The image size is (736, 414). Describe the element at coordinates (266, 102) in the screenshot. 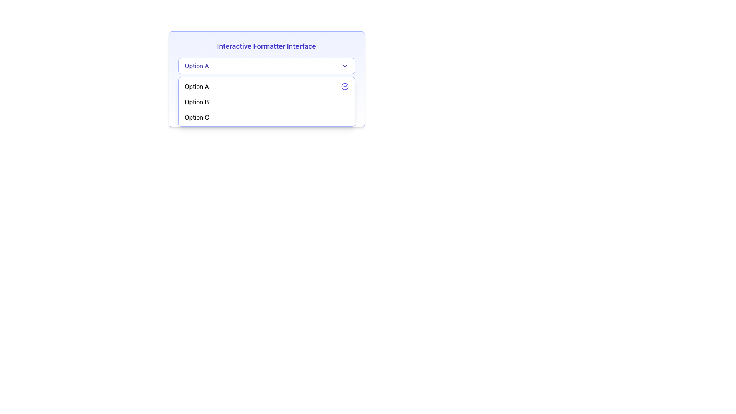

I see `the dropdown menu item labeled 'Option B'` at that location.